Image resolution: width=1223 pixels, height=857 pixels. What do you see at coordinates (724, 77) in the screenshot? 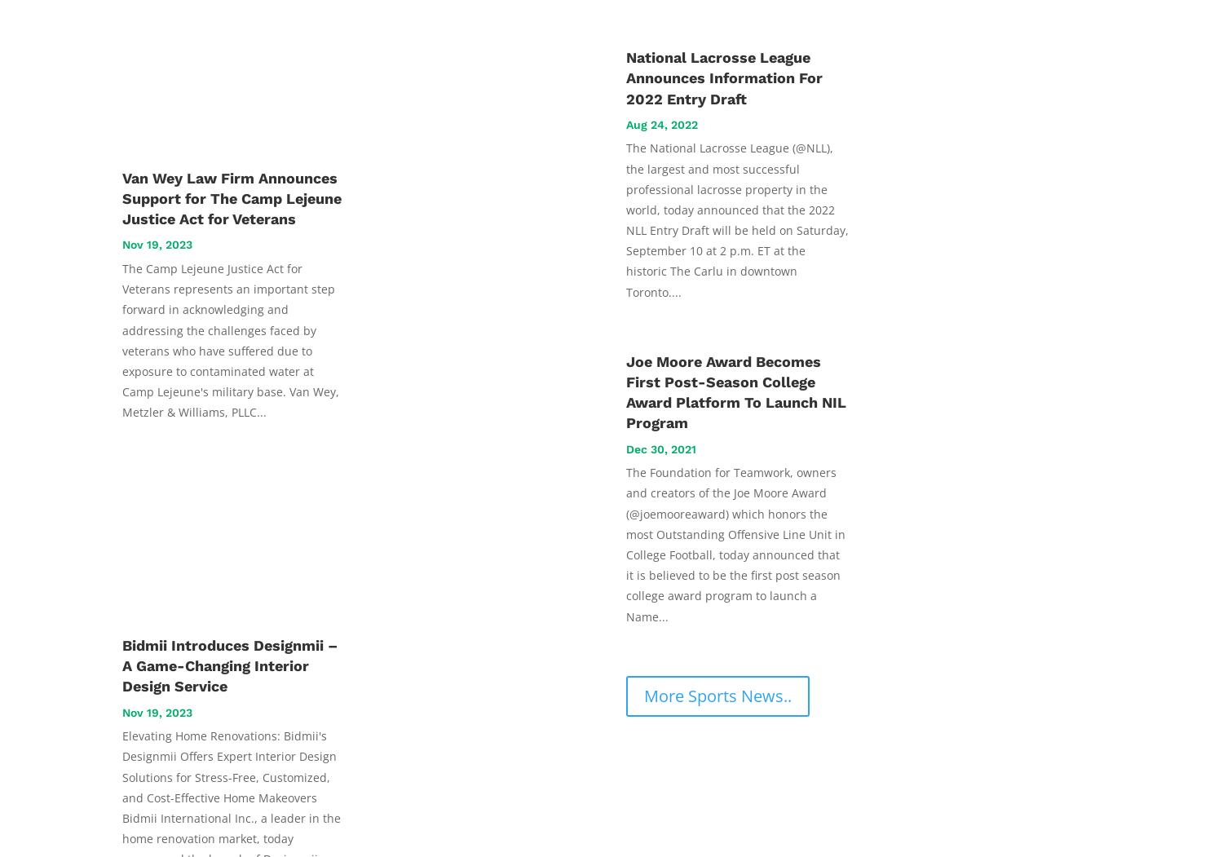
I see `'National Lacrosse League Announces Information For 2022 Entry Draft'` at bounding box center [724, 77].